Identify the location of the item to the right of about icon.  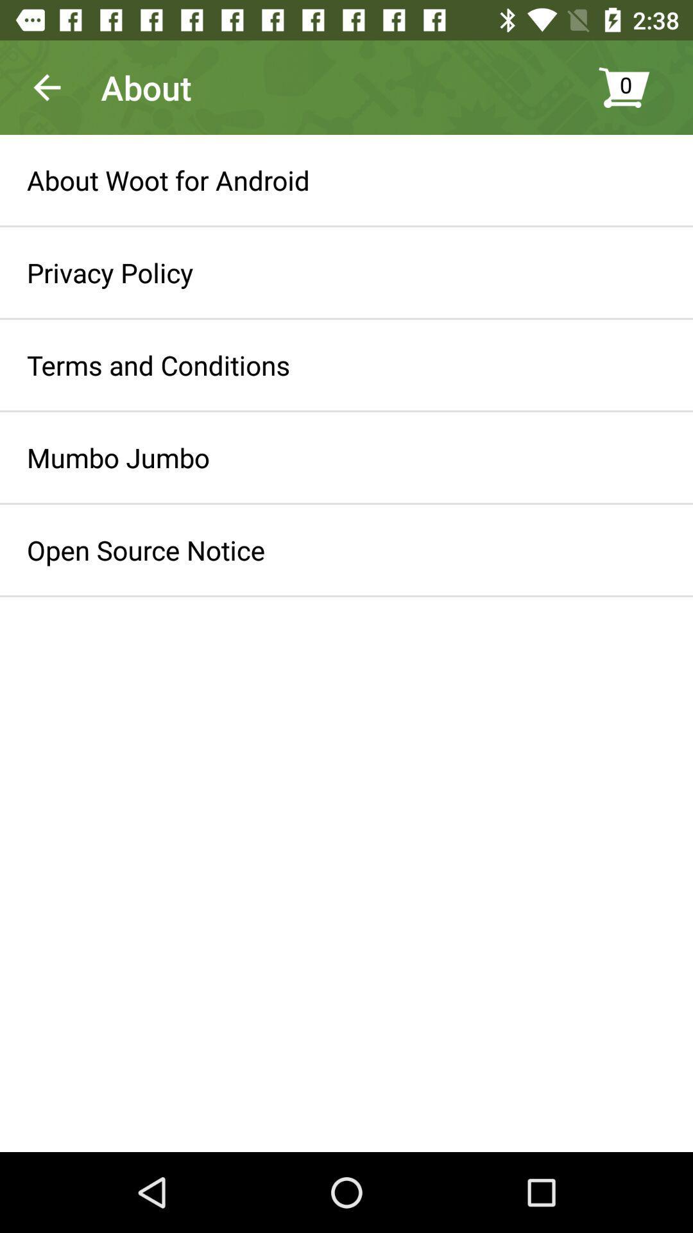
(638, 87).